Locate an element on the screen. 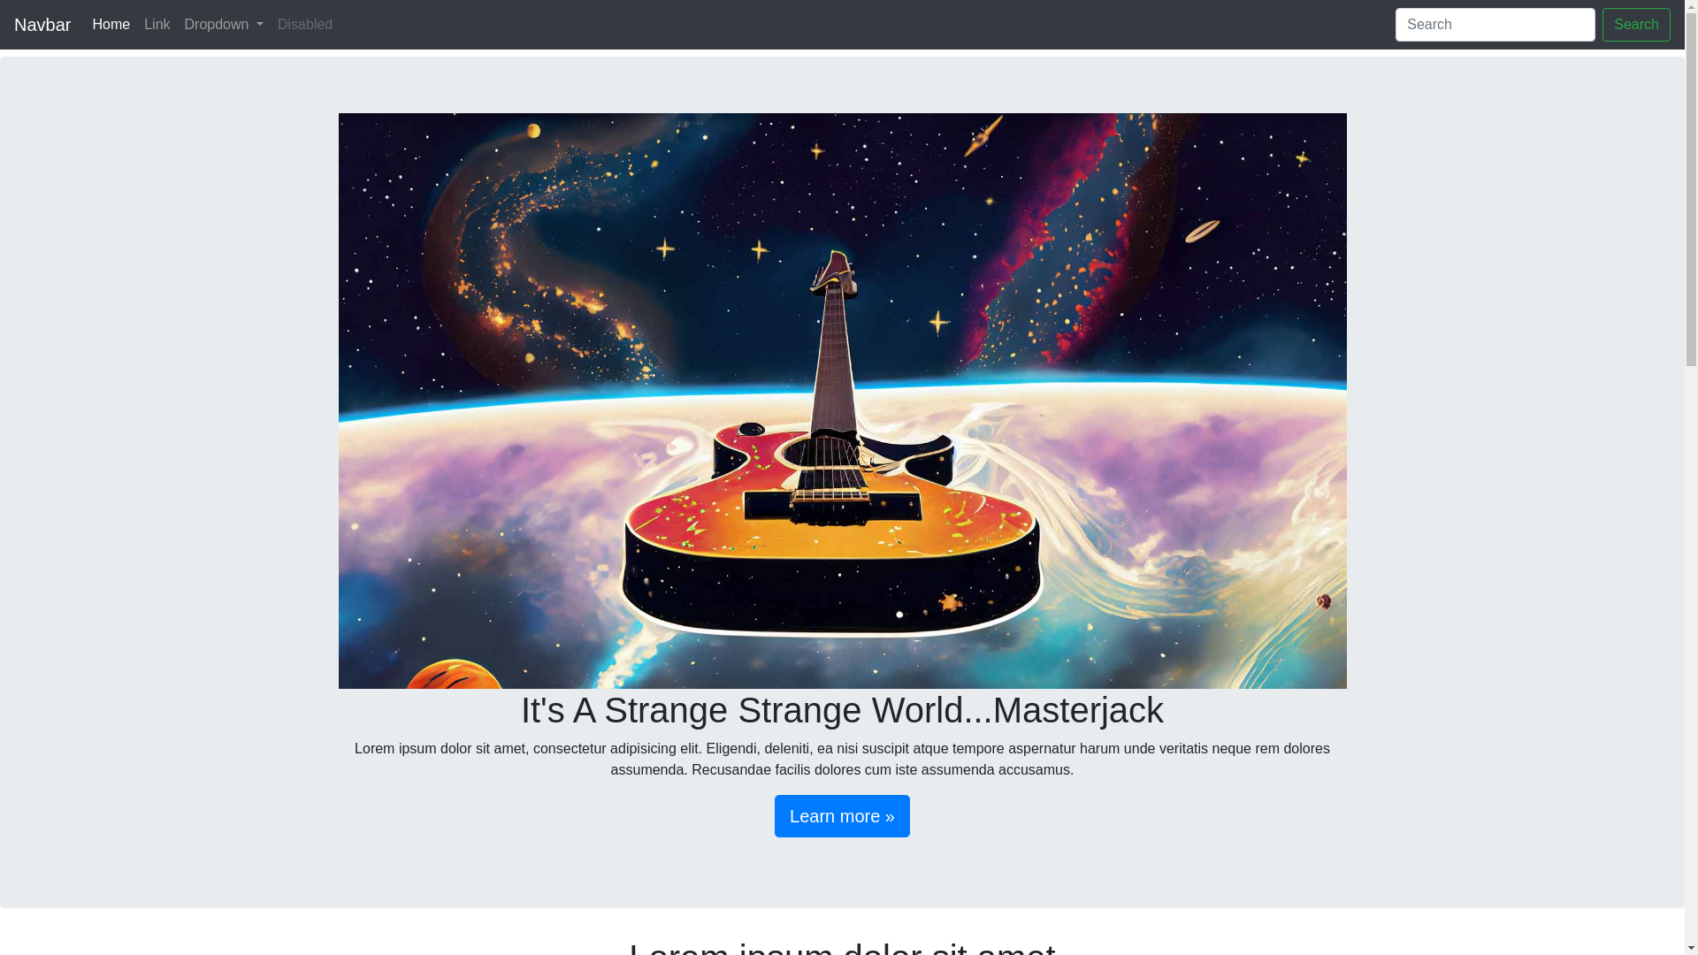 The height and width of the screenshot is (955, 1698). 'Search' is located at coordinates (1635, 24).